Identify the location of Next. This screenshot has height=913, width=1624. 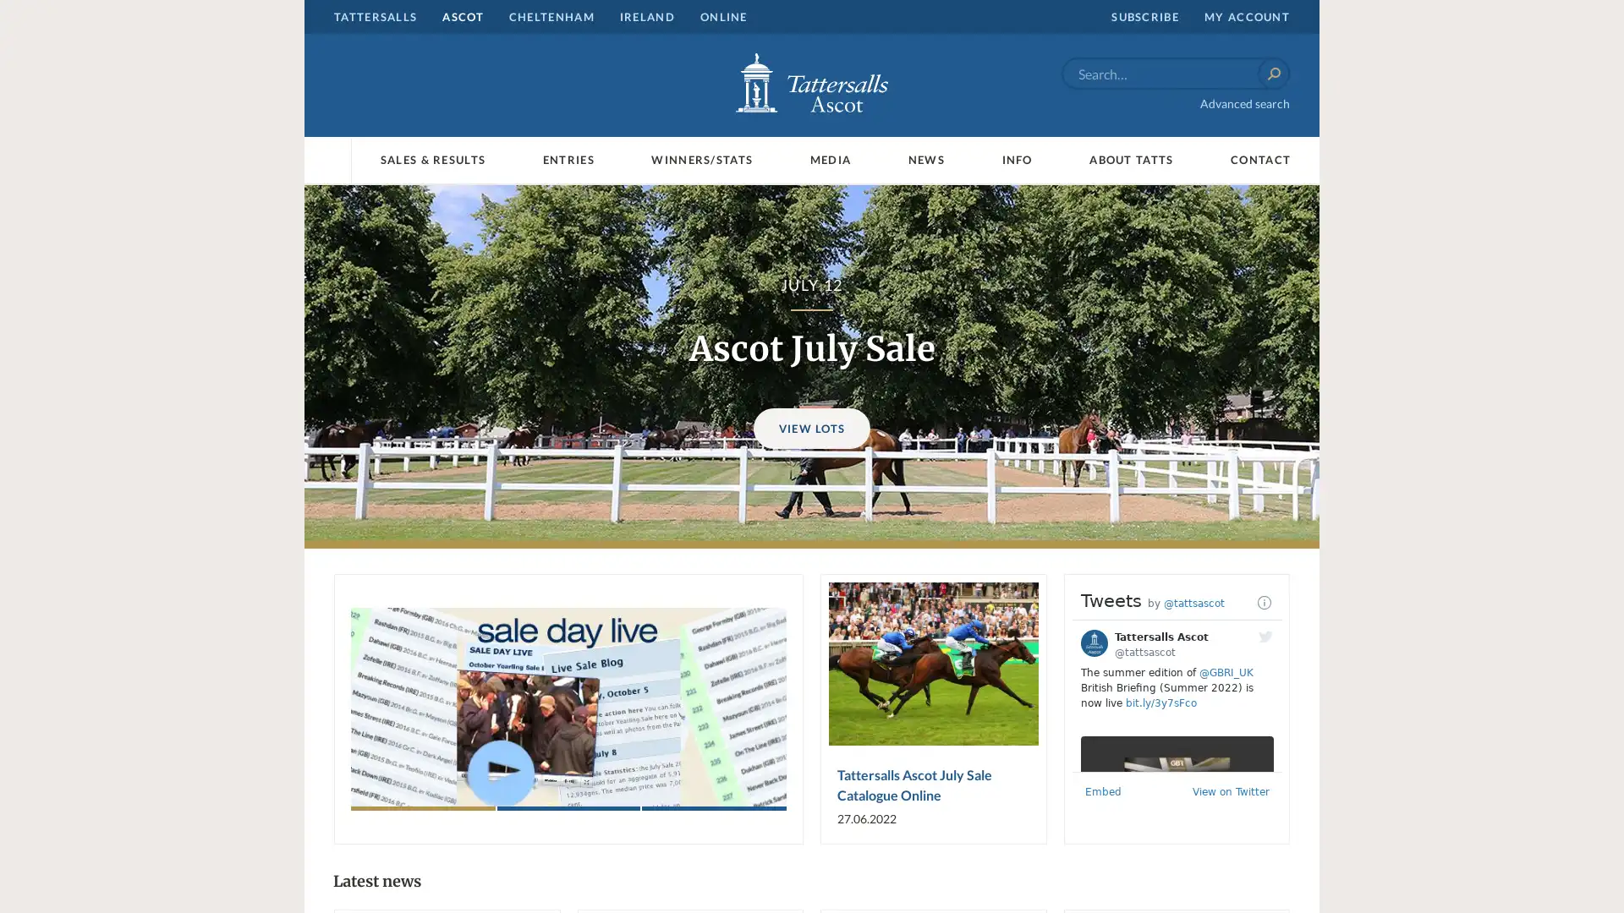
(765, 708).